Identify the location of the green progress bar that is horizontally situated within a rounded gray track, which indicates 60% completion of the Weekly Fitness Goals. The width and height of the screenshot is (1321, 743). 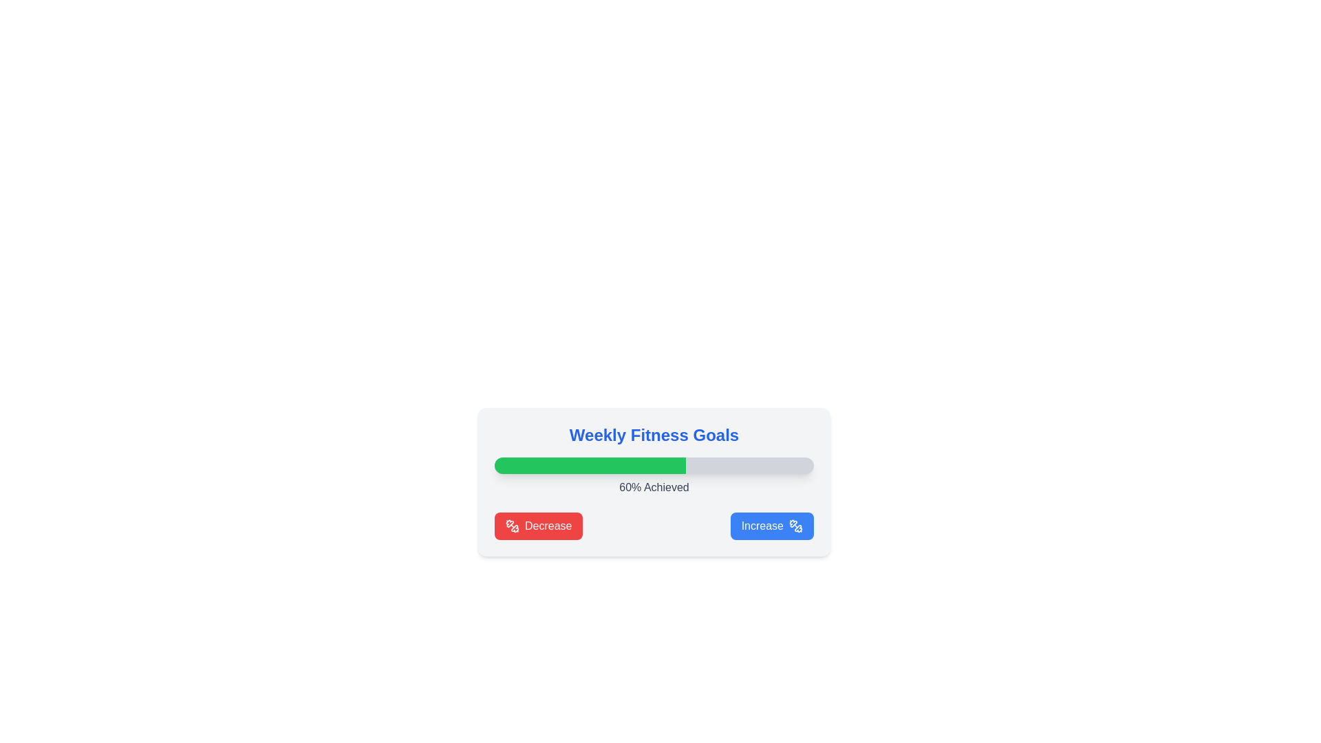
(590, 465).